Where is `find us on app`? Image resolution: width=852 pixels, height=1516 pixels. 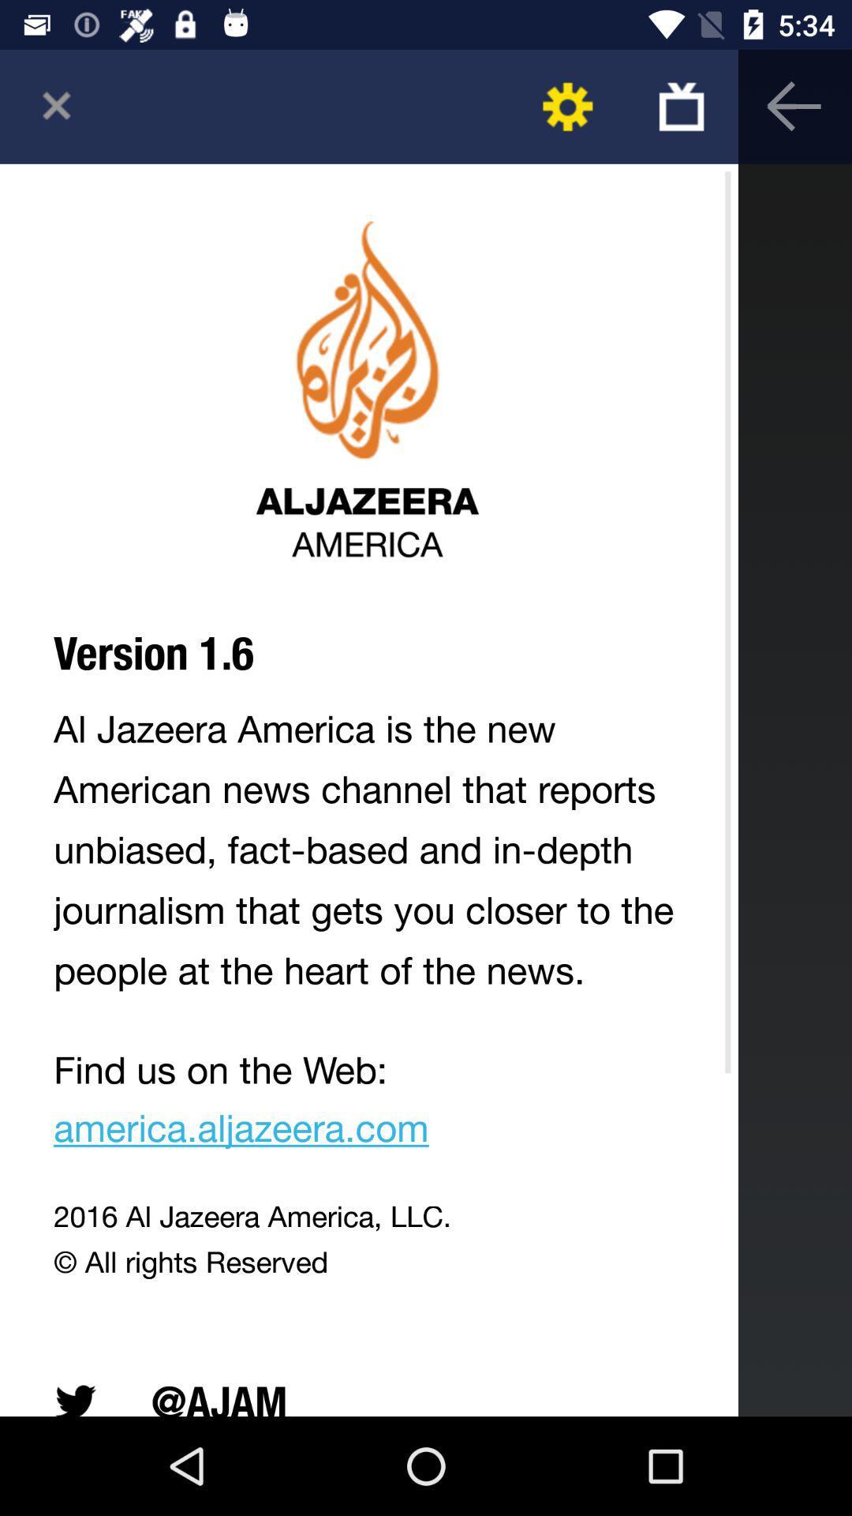
find us on app is located at coordinates (368, 1104).